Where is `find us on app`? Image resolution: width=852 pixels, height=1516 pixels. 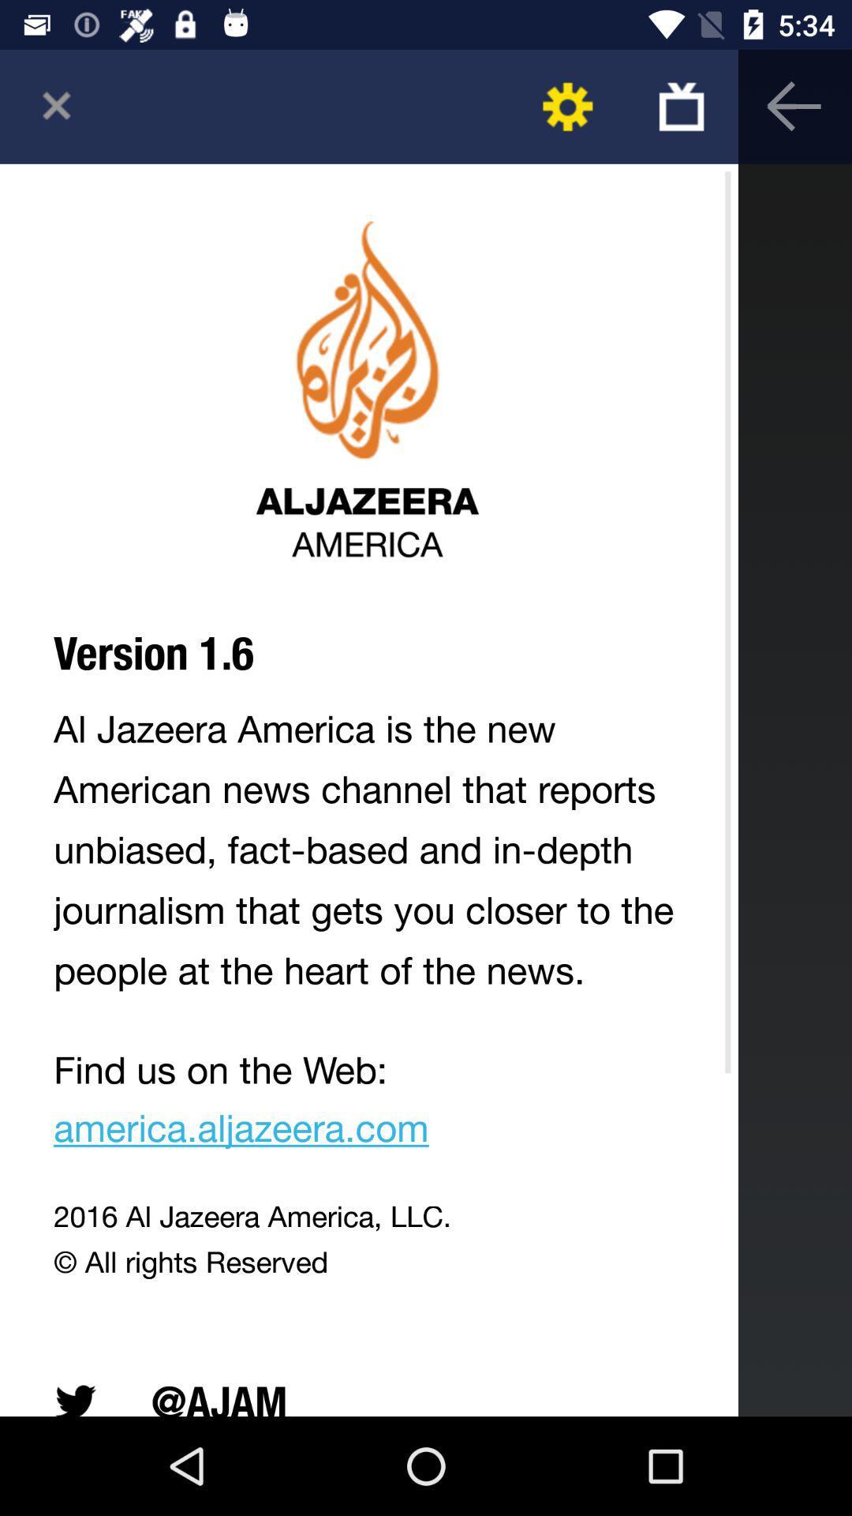
find us on app is located at coordinates (368, 1104).